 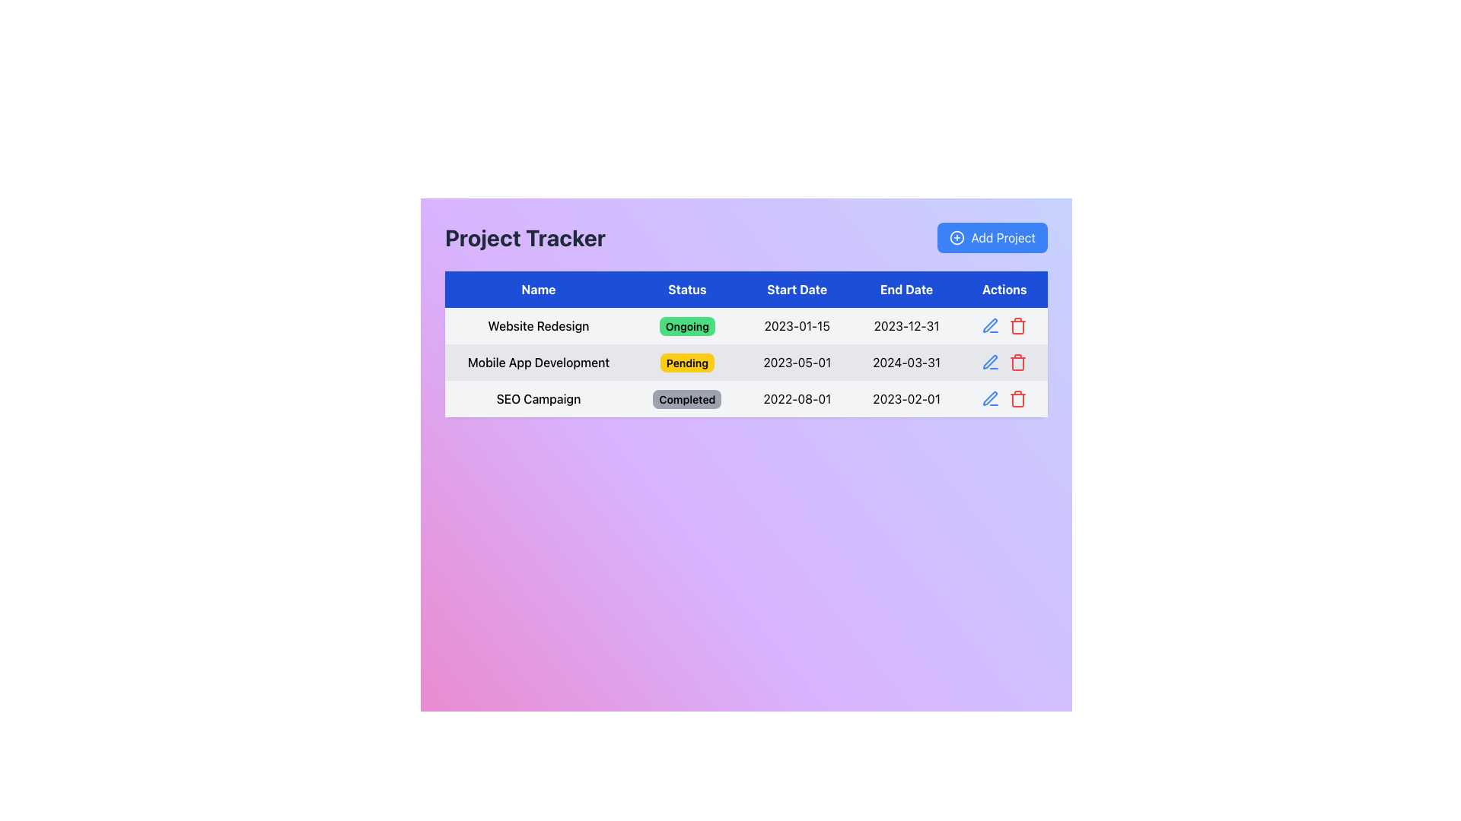 I want to click on the static text component displaying the date '2022-08-01' in the 'Start Date' column of the third row in the project tracking application table, so click(x=796, y=398).